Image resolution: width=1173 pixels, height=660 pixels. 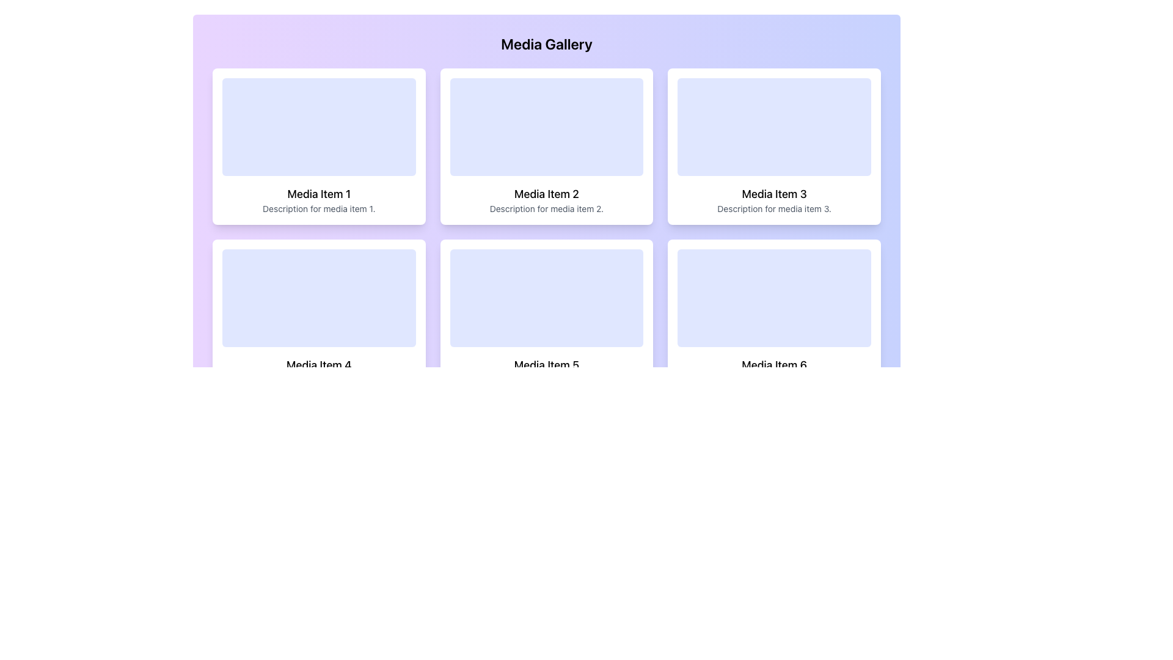 What do you see at coordinates (773, 208) in the screenshot?
I see `subtitle text located underneath the 'Media Item 3' title in the third card of the top row of the media gallery layout` at bounding box center [773, 208].